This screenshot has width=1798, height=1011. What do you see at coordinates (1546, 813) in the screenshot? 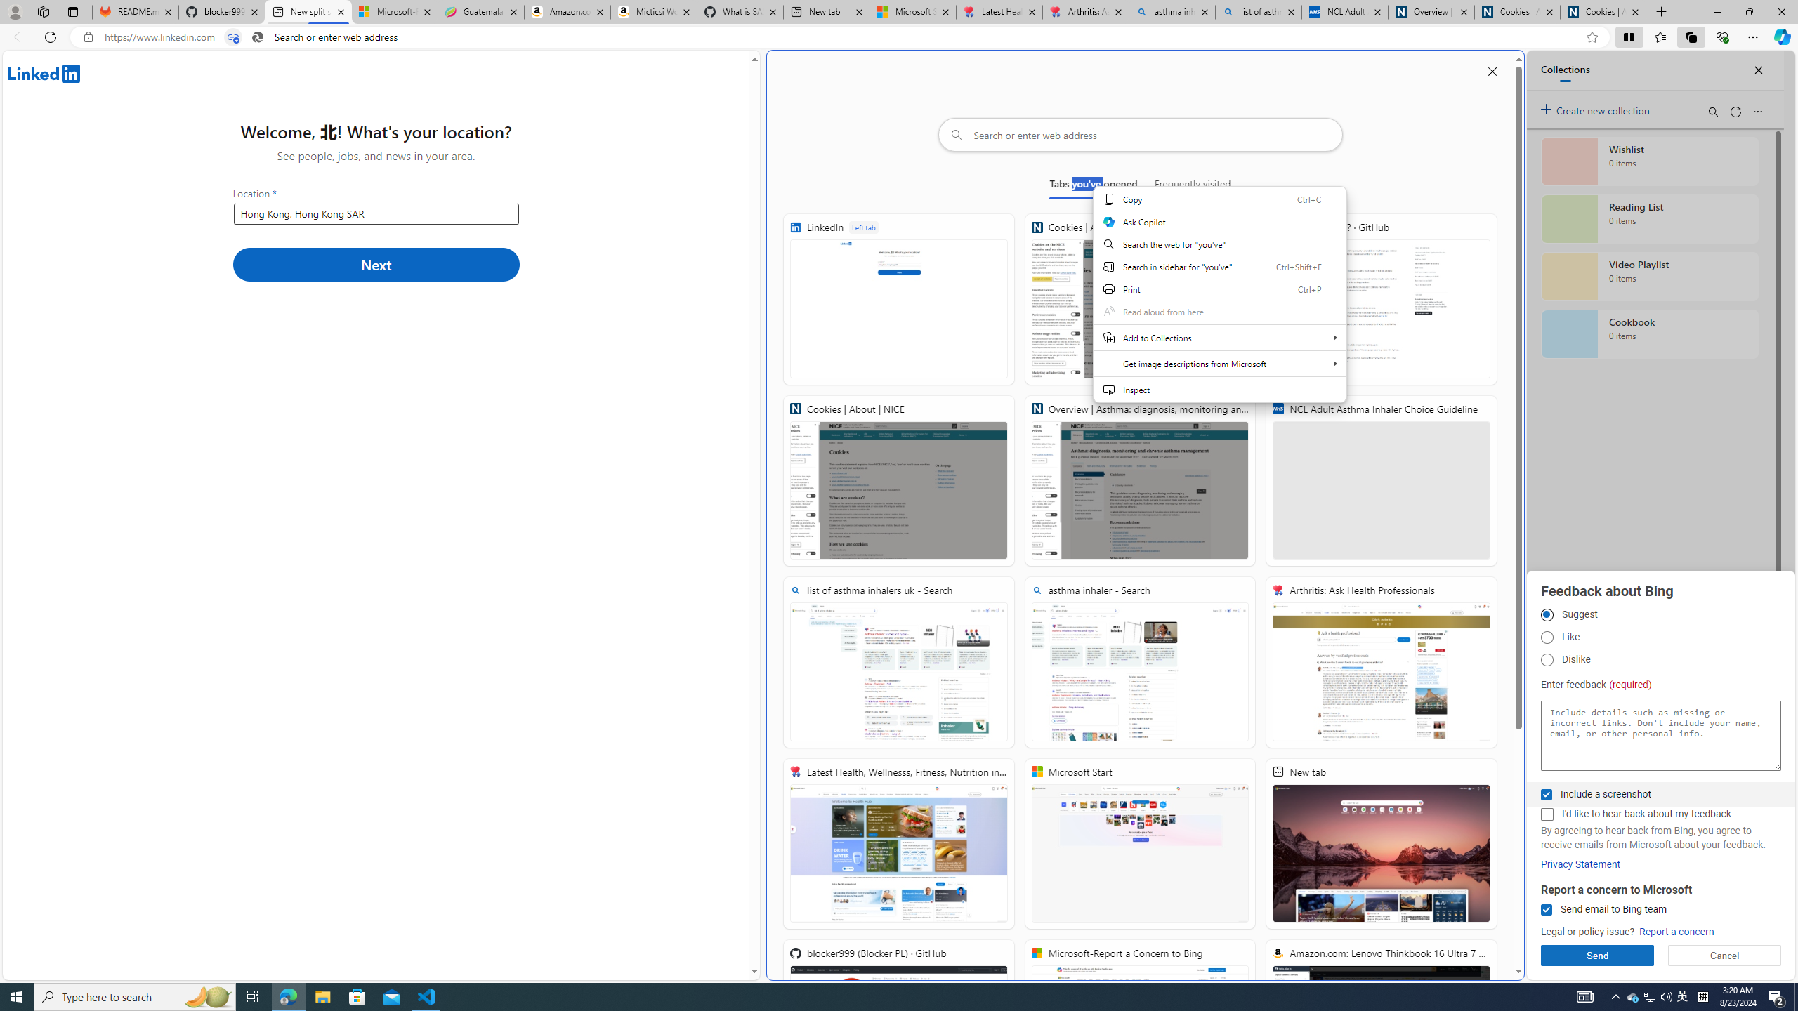
I see `'I'` at bounding box center [1546, 813].